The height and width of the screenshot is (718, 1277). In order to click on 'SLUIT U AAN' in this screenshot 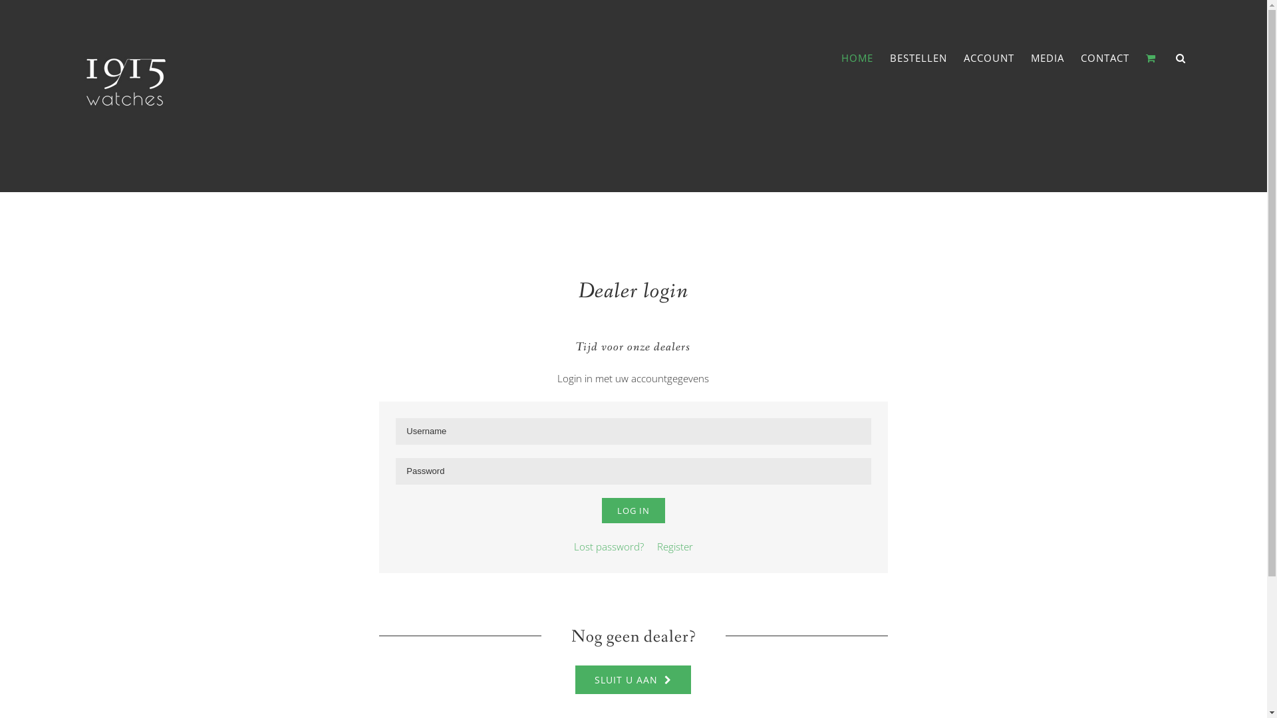, I will do `click(632, 679)`.